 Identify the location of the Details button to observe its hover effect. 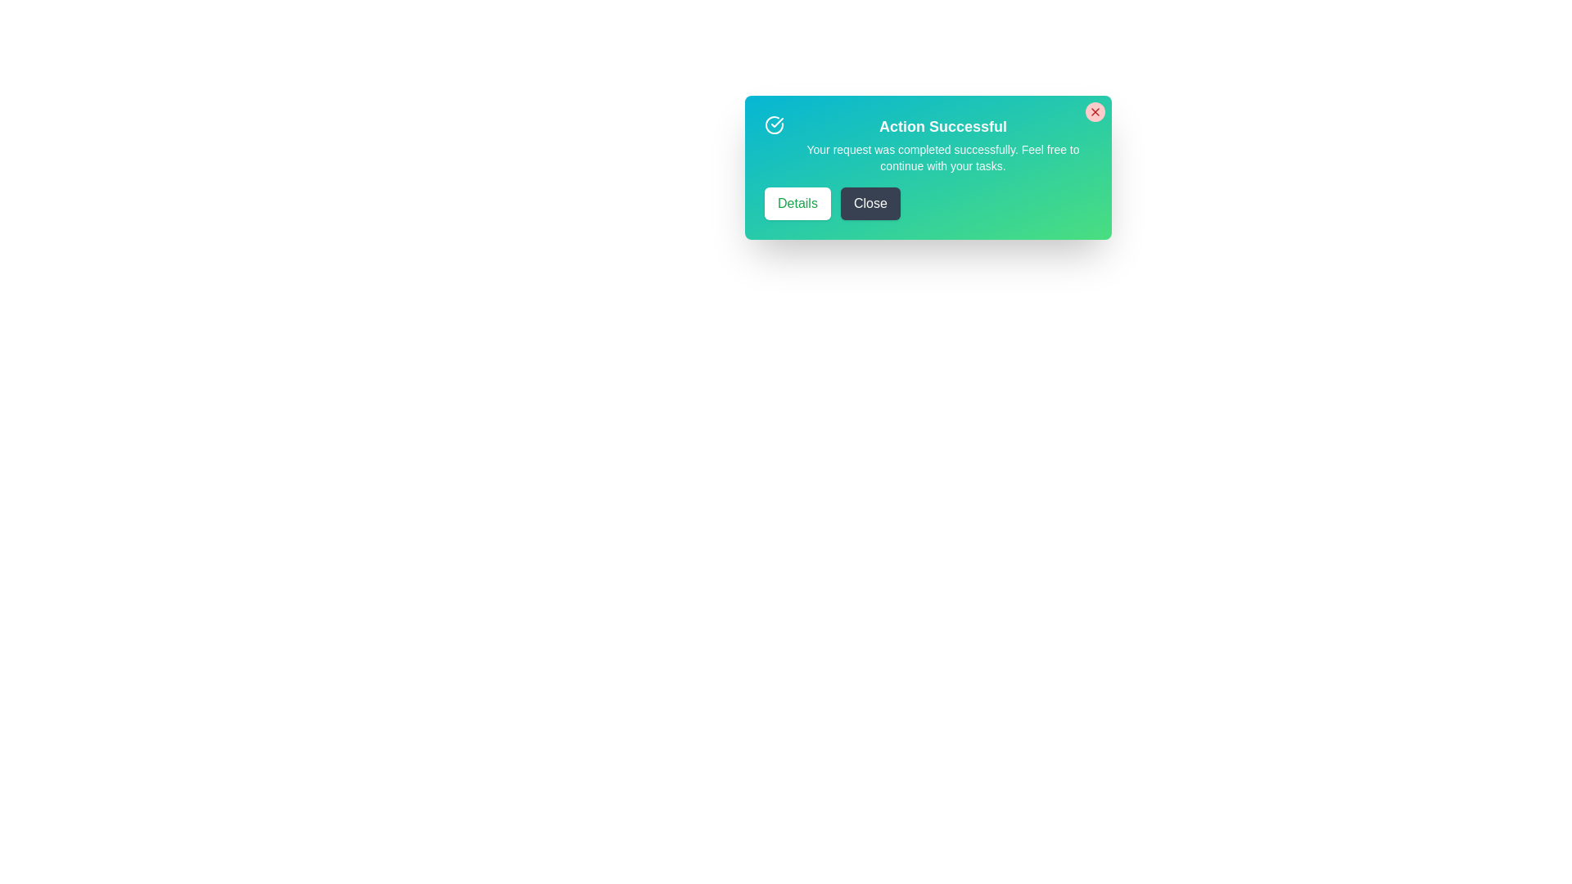
(797, 203).